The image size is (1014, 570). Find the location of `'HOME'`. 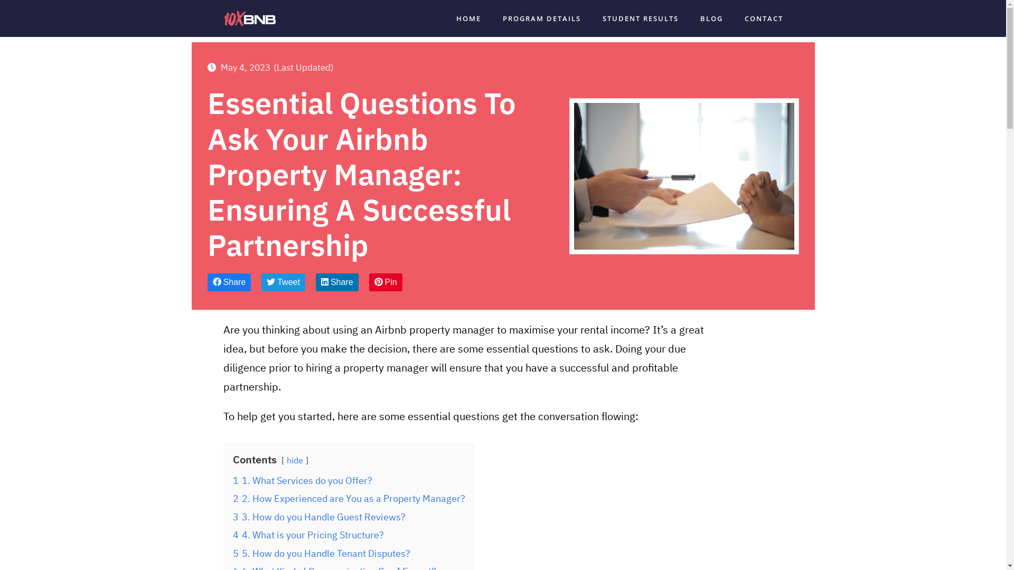

'HOME' is located at coordinates (468, 18).